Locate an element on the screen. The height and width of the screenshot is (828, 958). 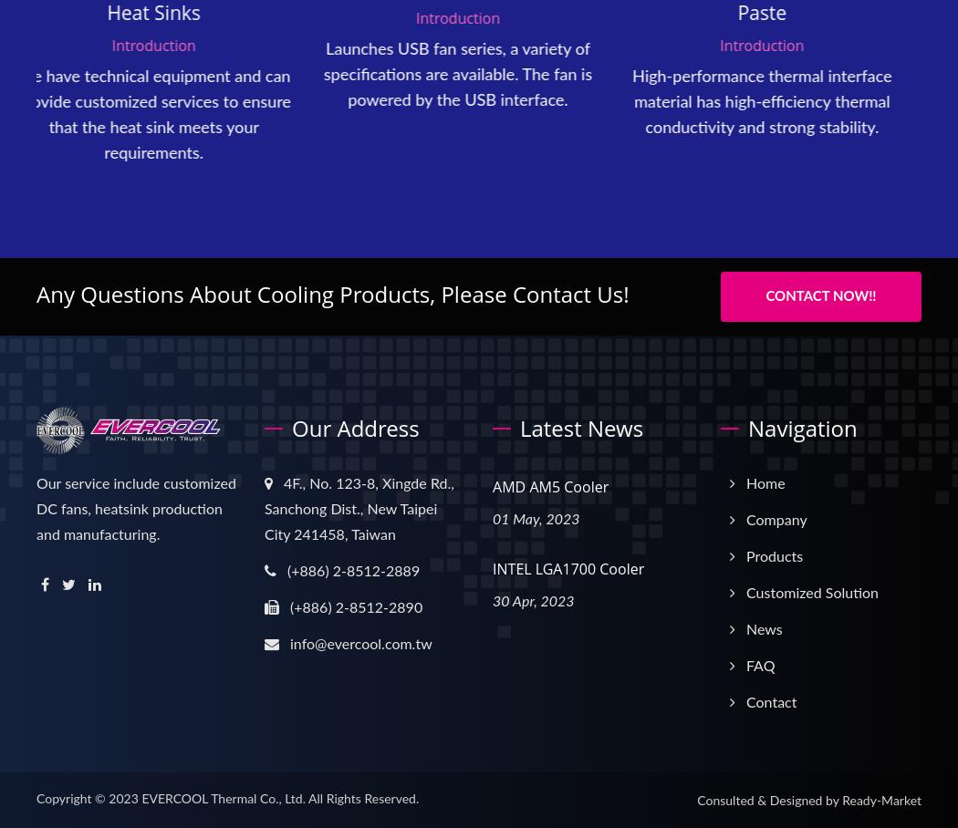
'01 May, 2023' is located at coordinates (535, 520).